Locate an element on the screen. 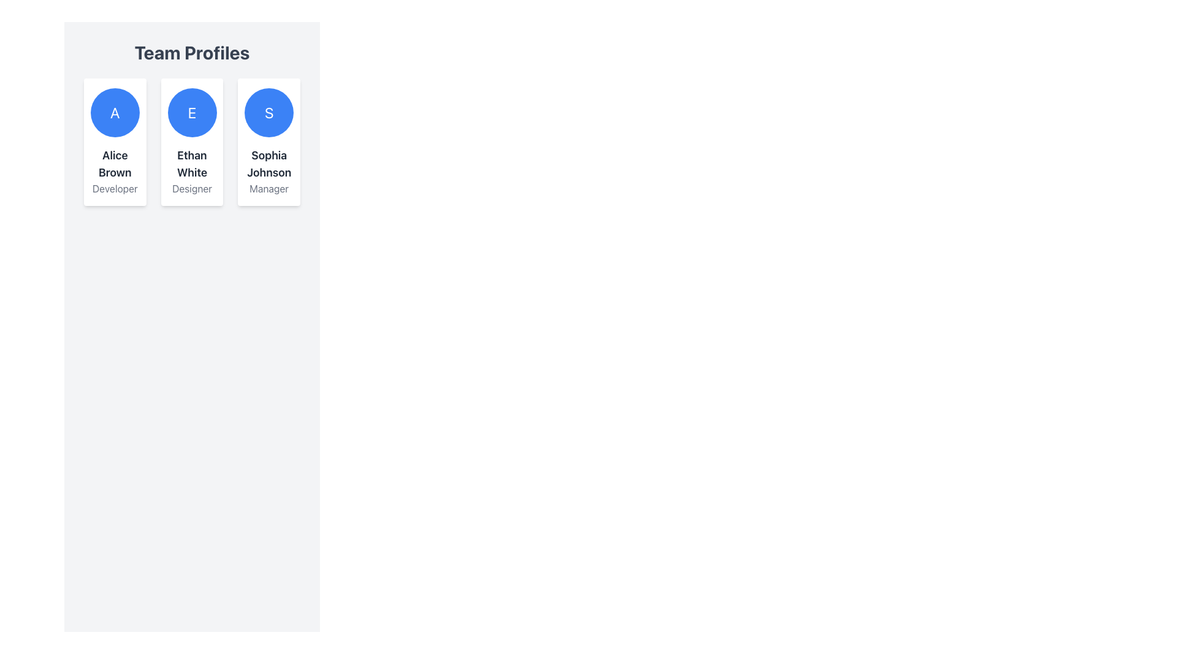  the static text label indicating the role or title of 'Sophia Johnson' located at the bottom of her profile card in the 'Team Profiles' section is located at coordinates (269, 189).